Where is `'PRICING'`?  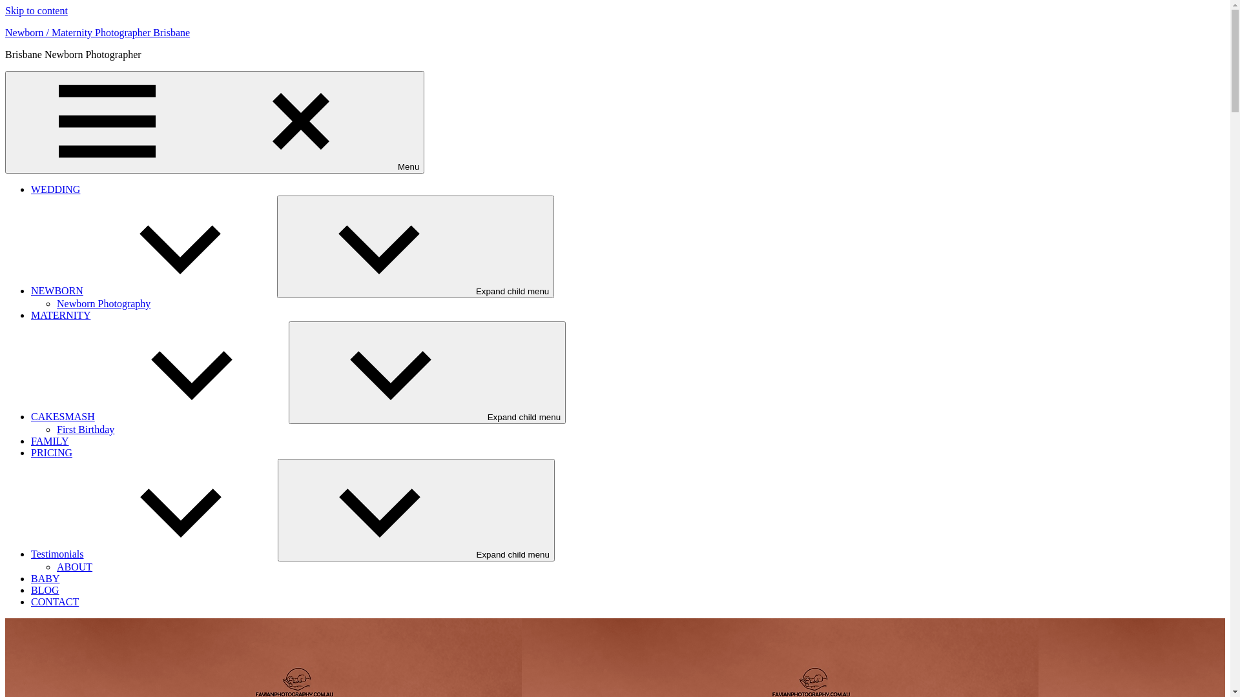 'PRICING' is located at coordinates (52, 452).